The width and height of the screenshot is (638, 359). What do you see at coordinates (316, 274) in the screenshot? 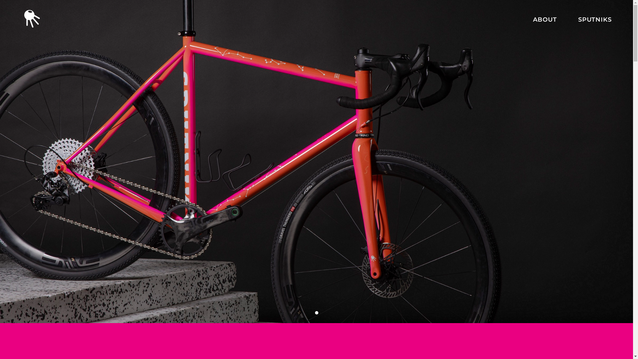
I see `'Sputniks'` at bounding box center [316, 274].